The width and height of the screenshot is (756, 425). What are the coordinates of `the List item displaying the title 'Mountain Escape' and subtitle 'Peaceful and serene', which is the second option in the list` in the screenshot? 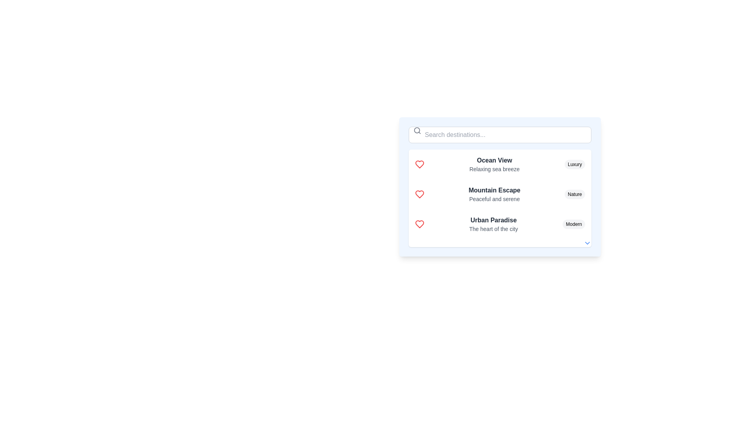 It's located at (500, 194).